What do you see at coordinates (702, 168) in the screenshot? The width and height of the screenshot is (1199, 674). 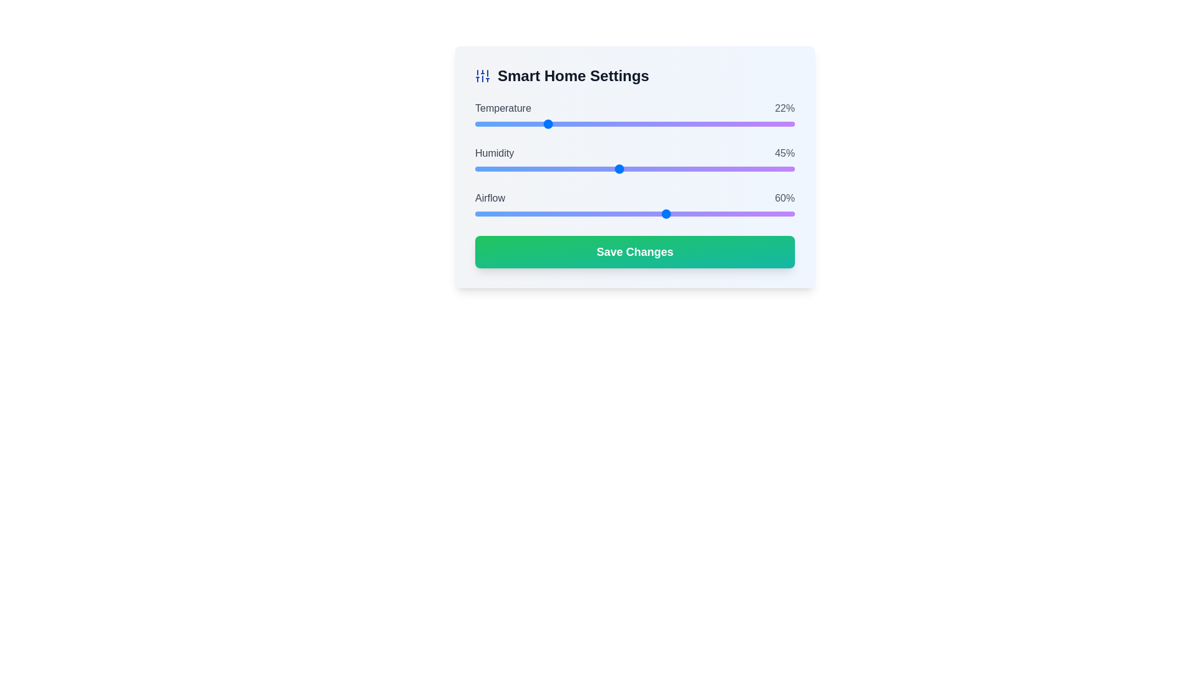 I see `the humidity level` at bounding box center [702, 168].